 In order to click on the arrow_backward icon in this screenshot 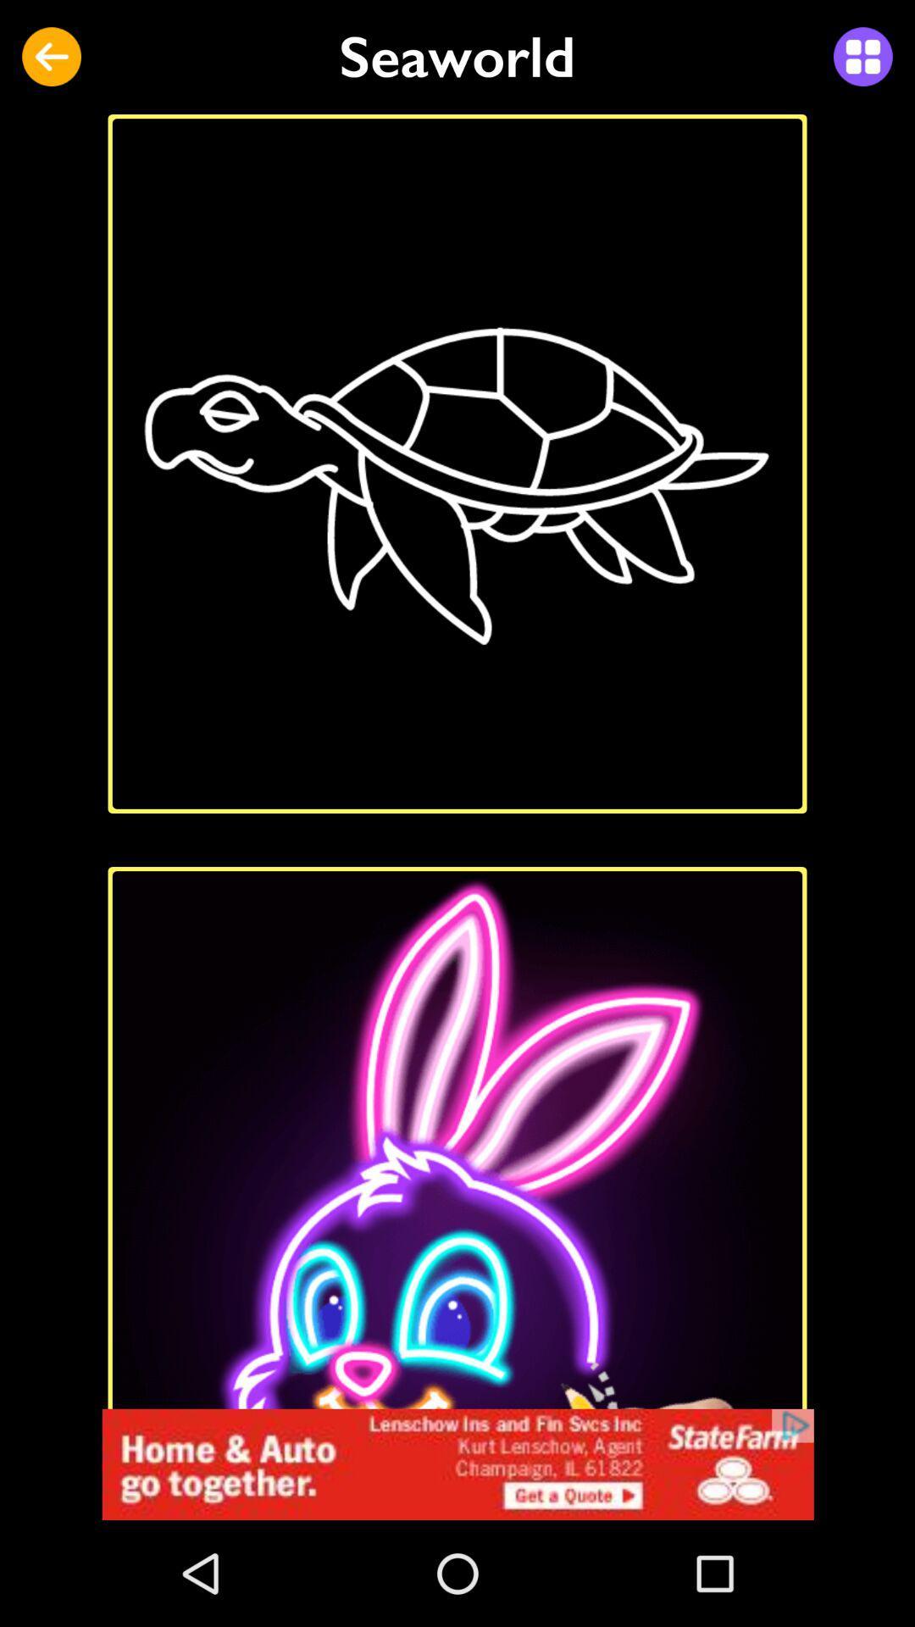, I will do `click(51, 57)`.